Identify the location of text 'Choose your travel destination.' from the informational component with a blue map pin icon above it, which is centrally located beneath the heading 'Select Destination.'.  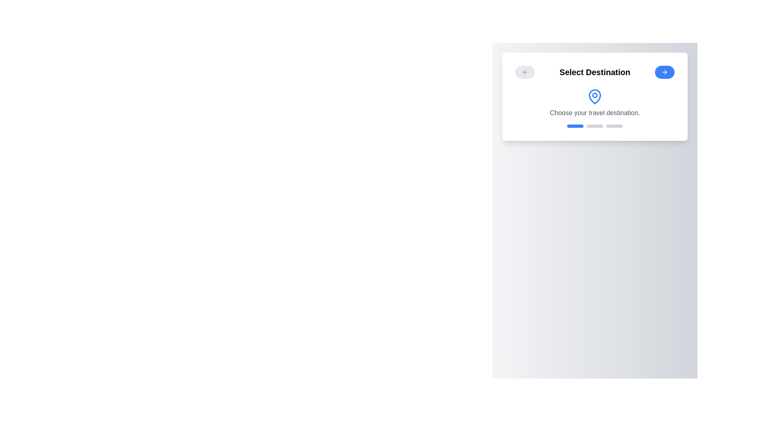
(595, 103).